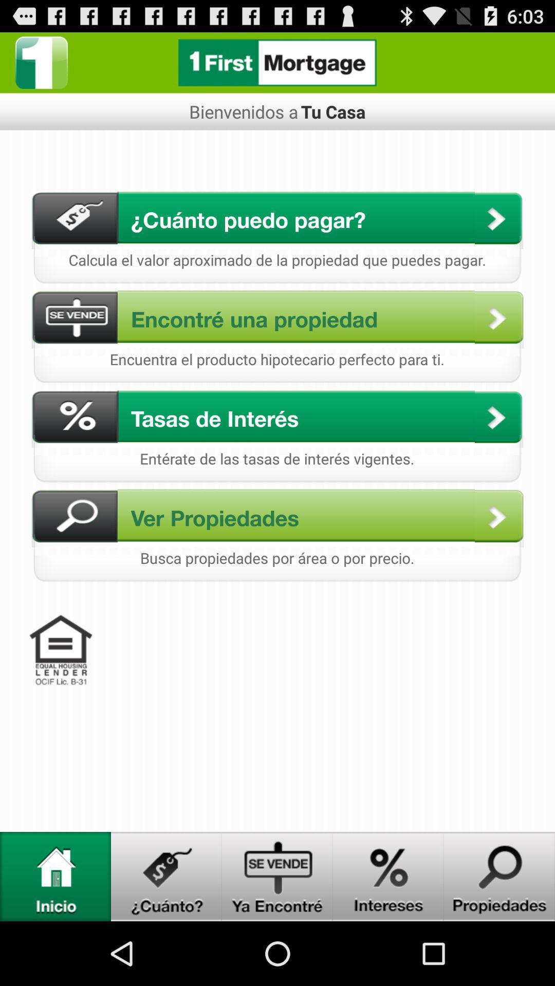 The image size is (555, 986). What do you see at coordinates (499, 938) in the screenshot?
I see `the search icon` at bounding box center [499, 938].